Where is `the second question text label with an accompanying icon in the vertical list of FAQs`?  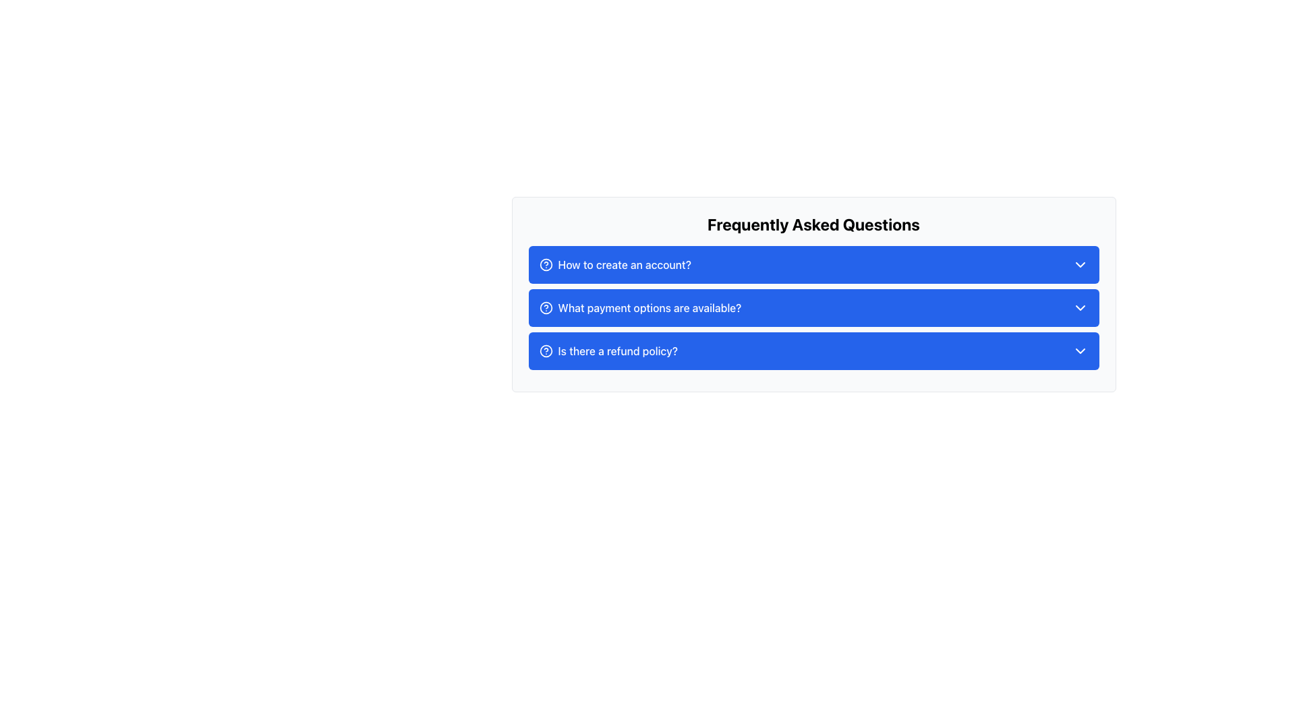
the second question text label with an accompanying icon in the vertical list of FAQs is located at coordinates (639, 307).